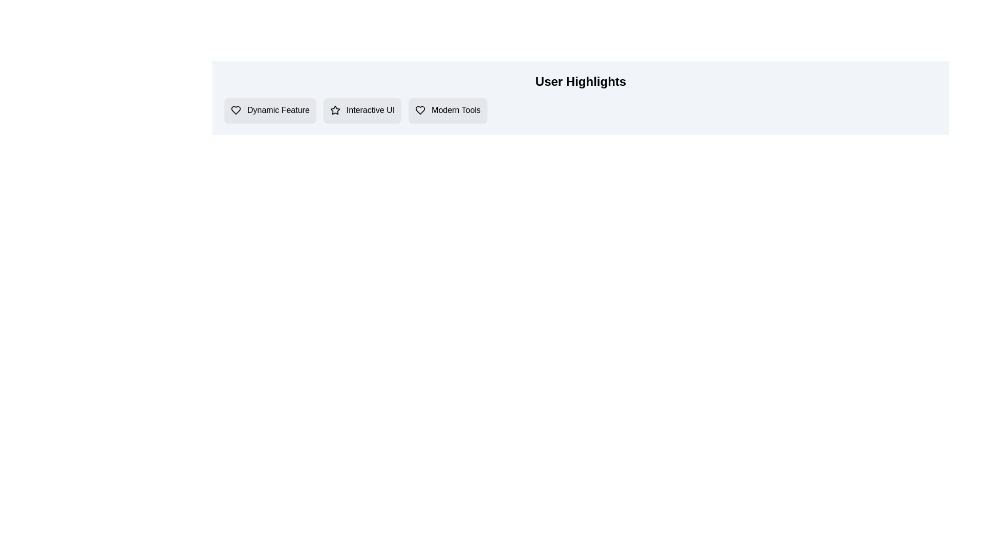 The height and width of the screenshot is (552, 983). I want to click on the item labeled 'Interactive UI', so click(362, 110).